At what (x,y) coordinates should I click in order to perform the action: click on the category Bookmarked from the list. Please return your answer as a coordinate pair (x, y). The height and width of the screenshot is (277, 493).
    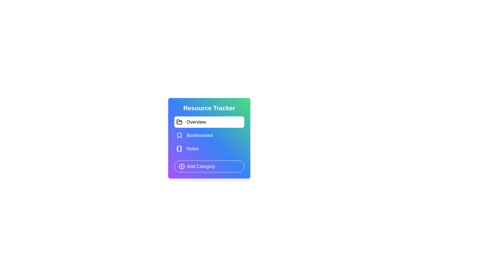
    Looking at the image, I should click on (209, 135).